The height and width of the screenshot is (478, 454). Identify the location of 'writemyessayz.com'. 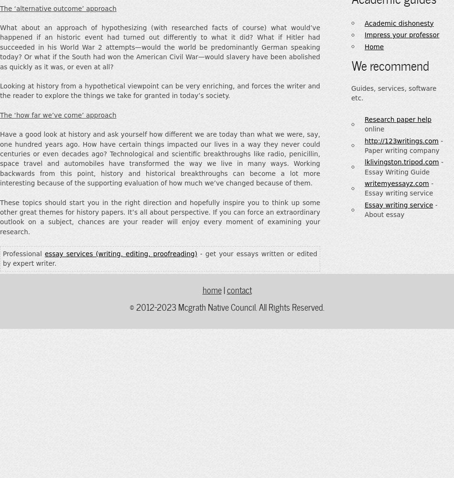
(396, 184).